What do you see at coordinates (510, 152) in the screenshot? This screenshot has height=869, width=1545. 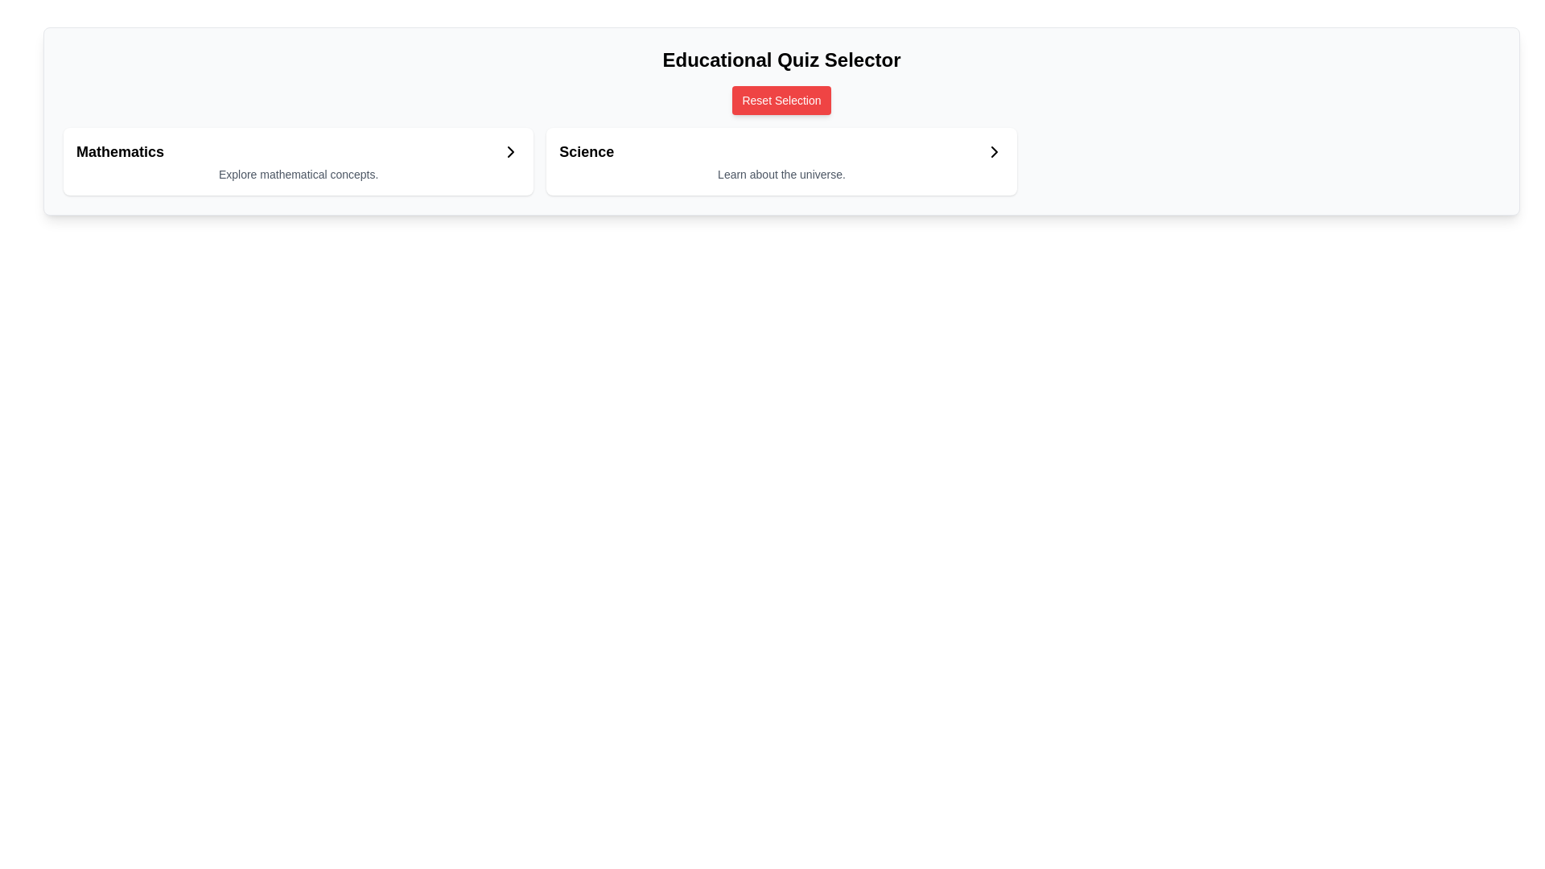 I see `the rightward-pointing chevron arrow icon located within the Mathematics button` at bounding box center [510, 152].